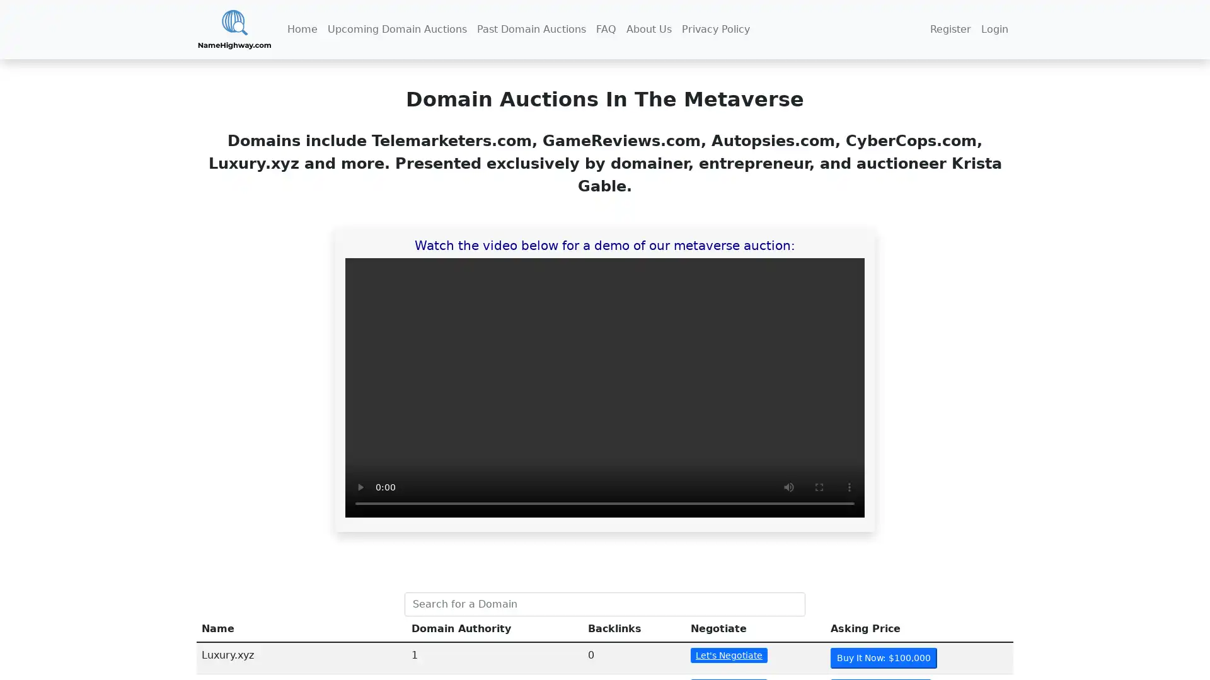  Describe the element at coordinates (883, 657) in the screenshot. I see `Buy It Now: $100,000` at that location.